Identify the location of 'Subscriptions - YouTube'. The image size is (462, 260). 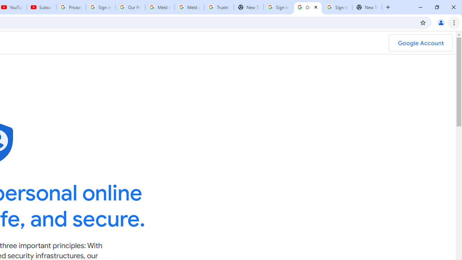
(41, 7).